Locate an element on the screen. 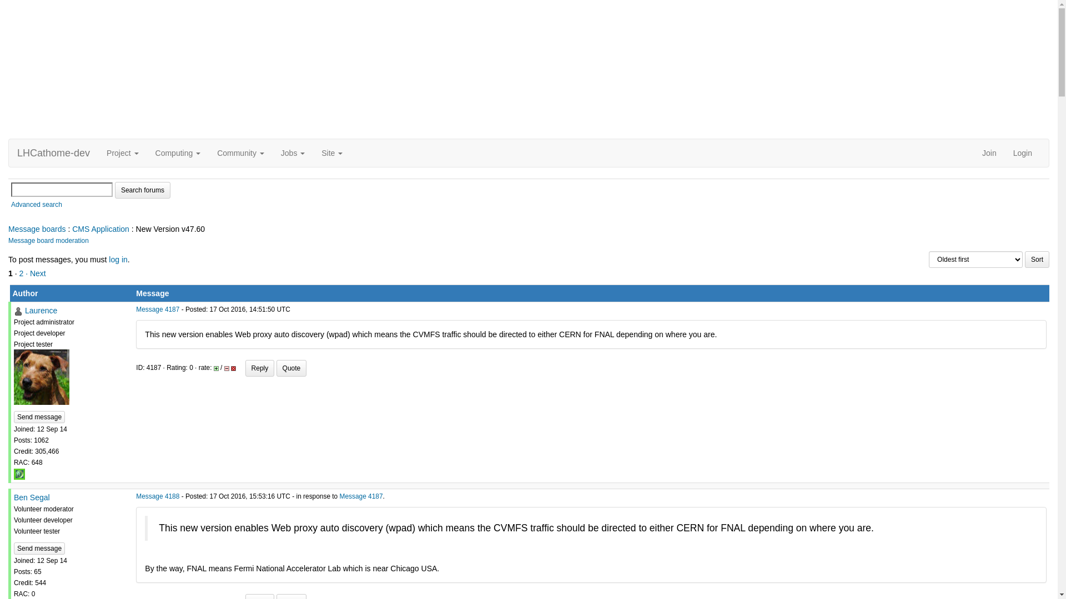 The height and width of the screenshot is (599, 1066). 'Community' is located at coordinates (240, 153).